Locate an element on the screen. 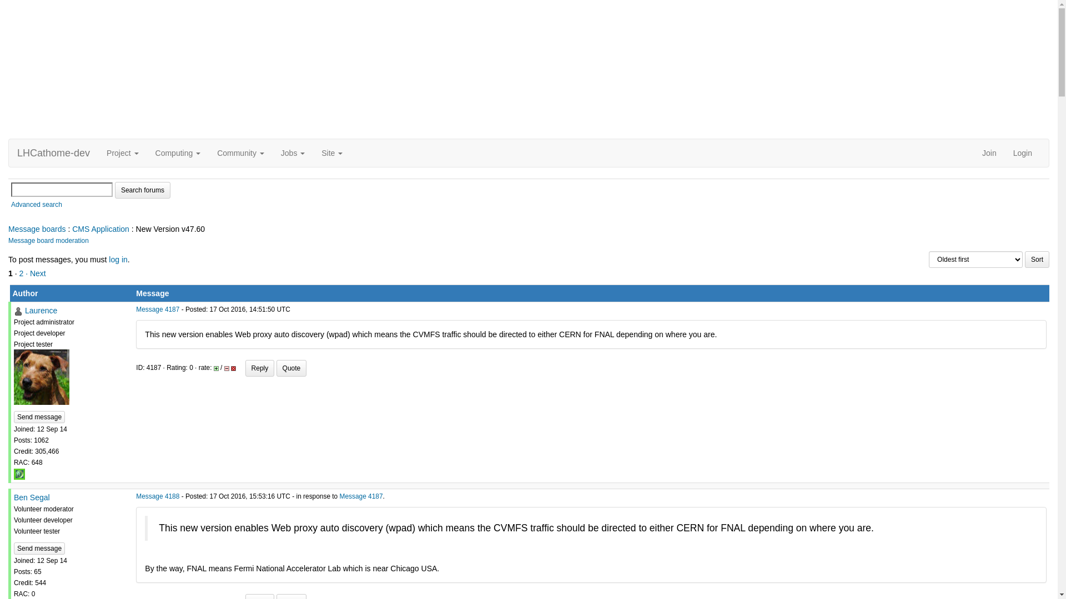 The height and width of the screenshot is (599, 1066). 'Community' is located at coordinates (240, 153).